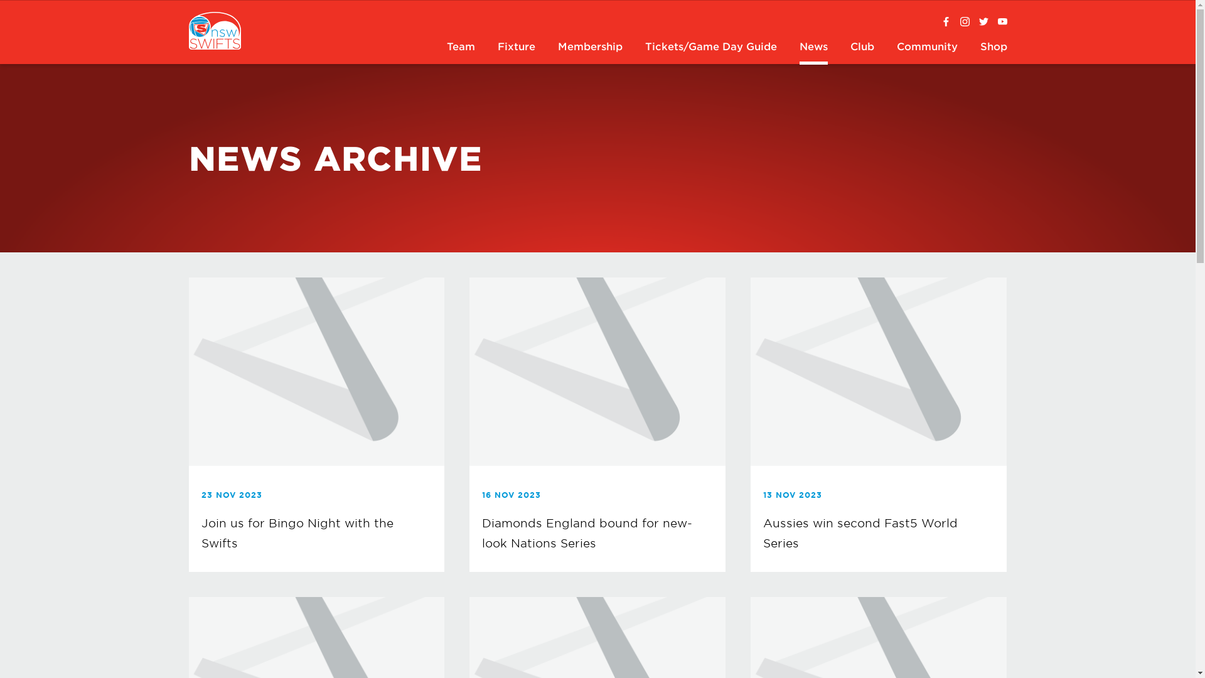 This screenshot has height=678, width=1205. What do you see at coordinates (1002, 21) in the screenshot?
I see `'NSWSwiftsTV'` at bounding box center [1002, 21].